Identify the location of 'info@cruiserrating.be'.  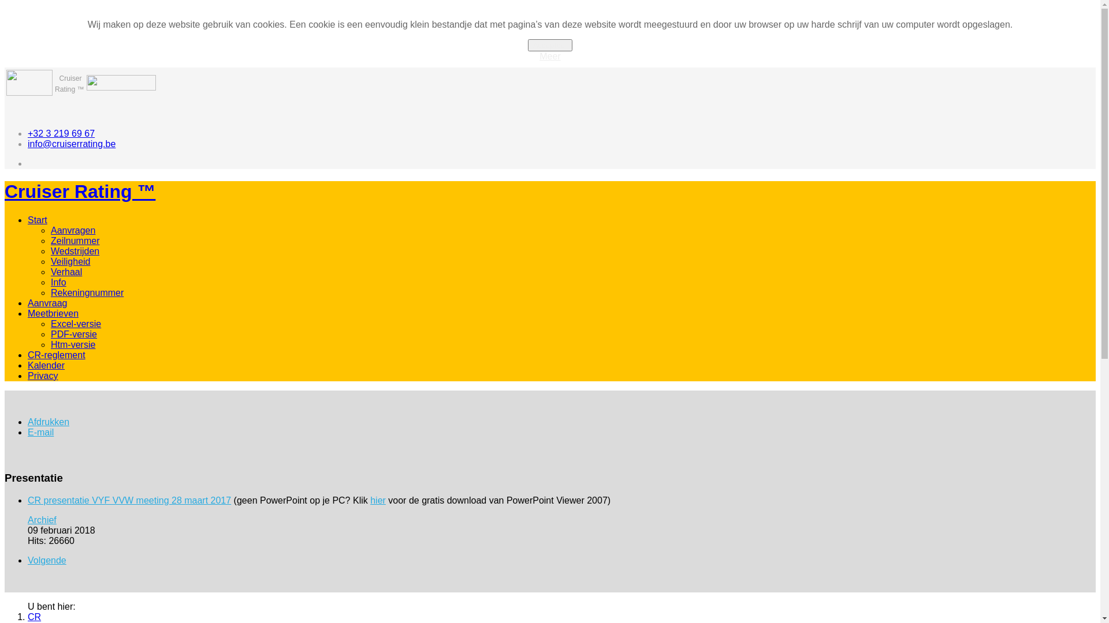
(28, 143).